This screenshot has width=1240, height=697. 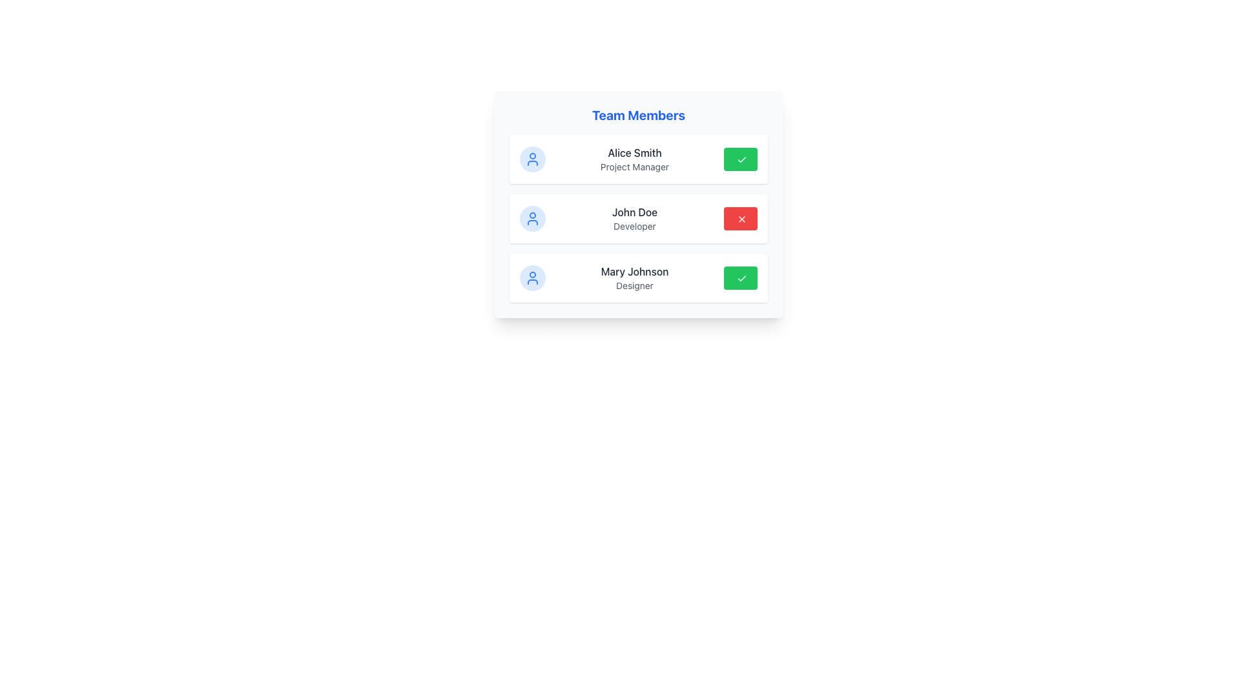 What do you see at coordinates (533, 278) in the screenshot?
I see `the decorative or informational icon representing user 'Mary Johnson' located in the 'Mary Johnson Designer' section, to the left of the text 'Mary Johnson' and 'Designer'` at bounding box center [533, 278].